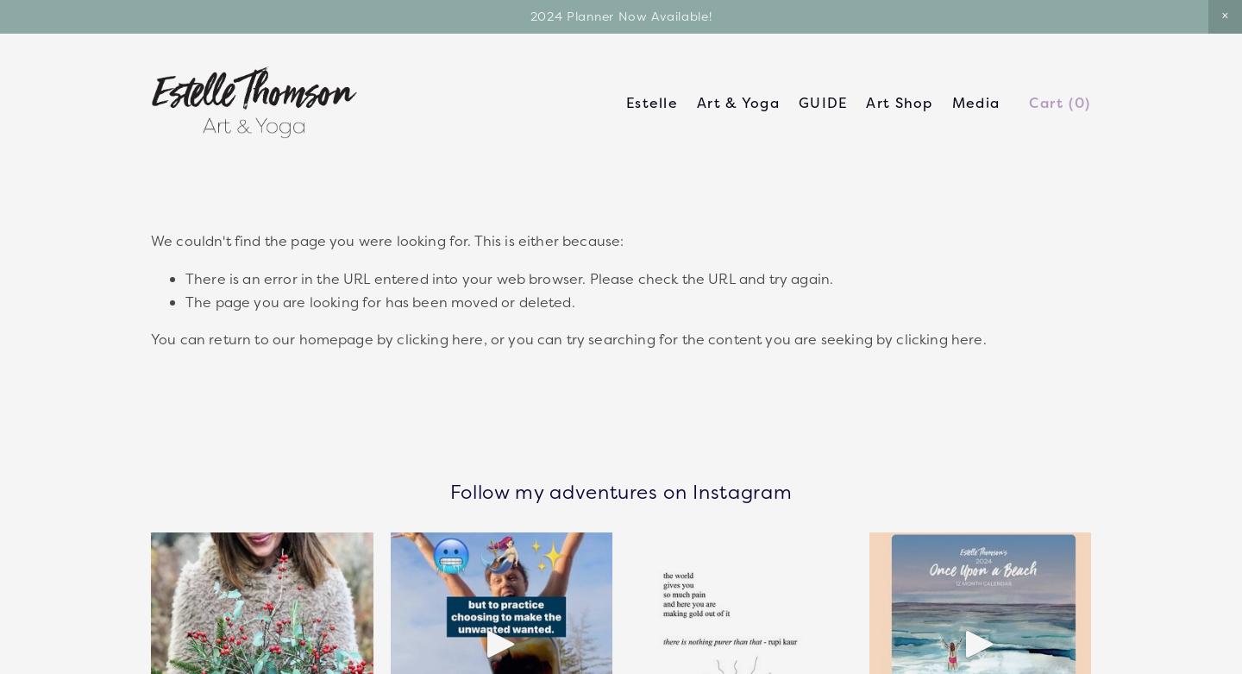 This screenshot has height=674, width=1242. Describe the element at coordinates (689, 337) in the screenshot. I see `', or you can try searching for the
  content you are seeking by'` at that location.